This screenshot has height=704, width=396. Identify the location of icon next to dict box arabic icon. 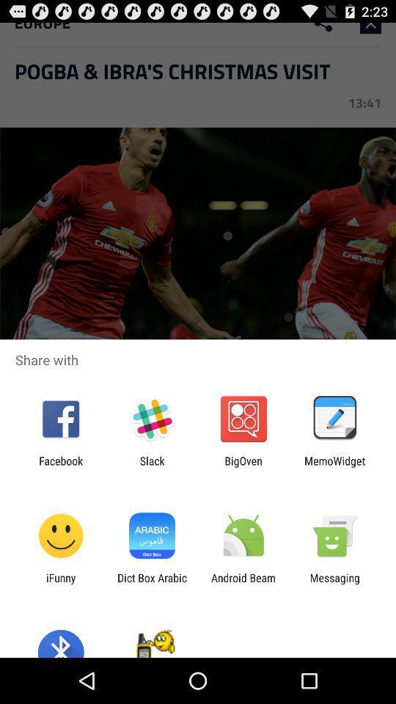
(243, 584).